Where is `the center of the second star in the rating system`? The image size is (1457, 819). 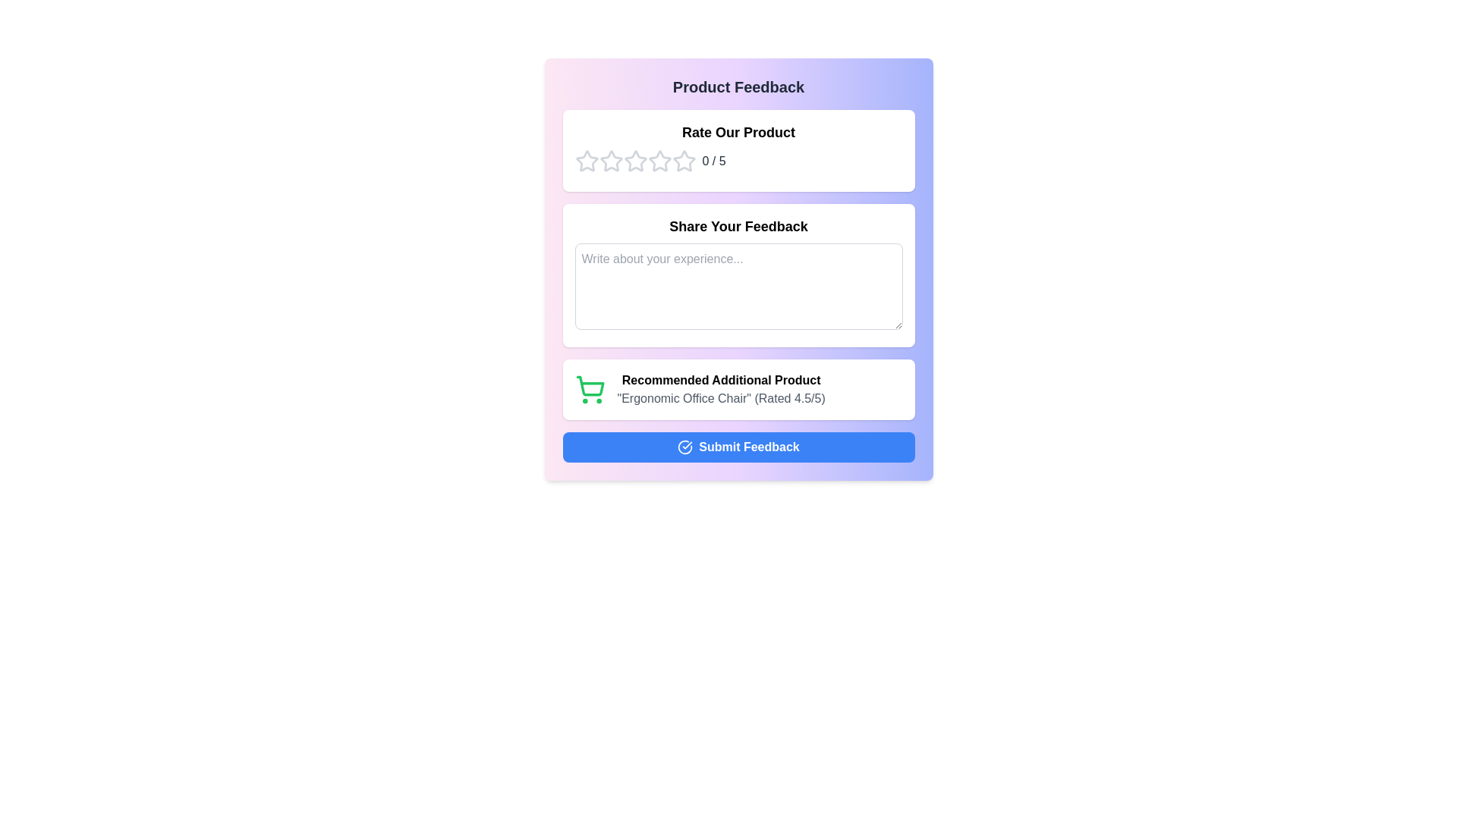
the center of the second star in the rating system is located at coordinates (683, 161).